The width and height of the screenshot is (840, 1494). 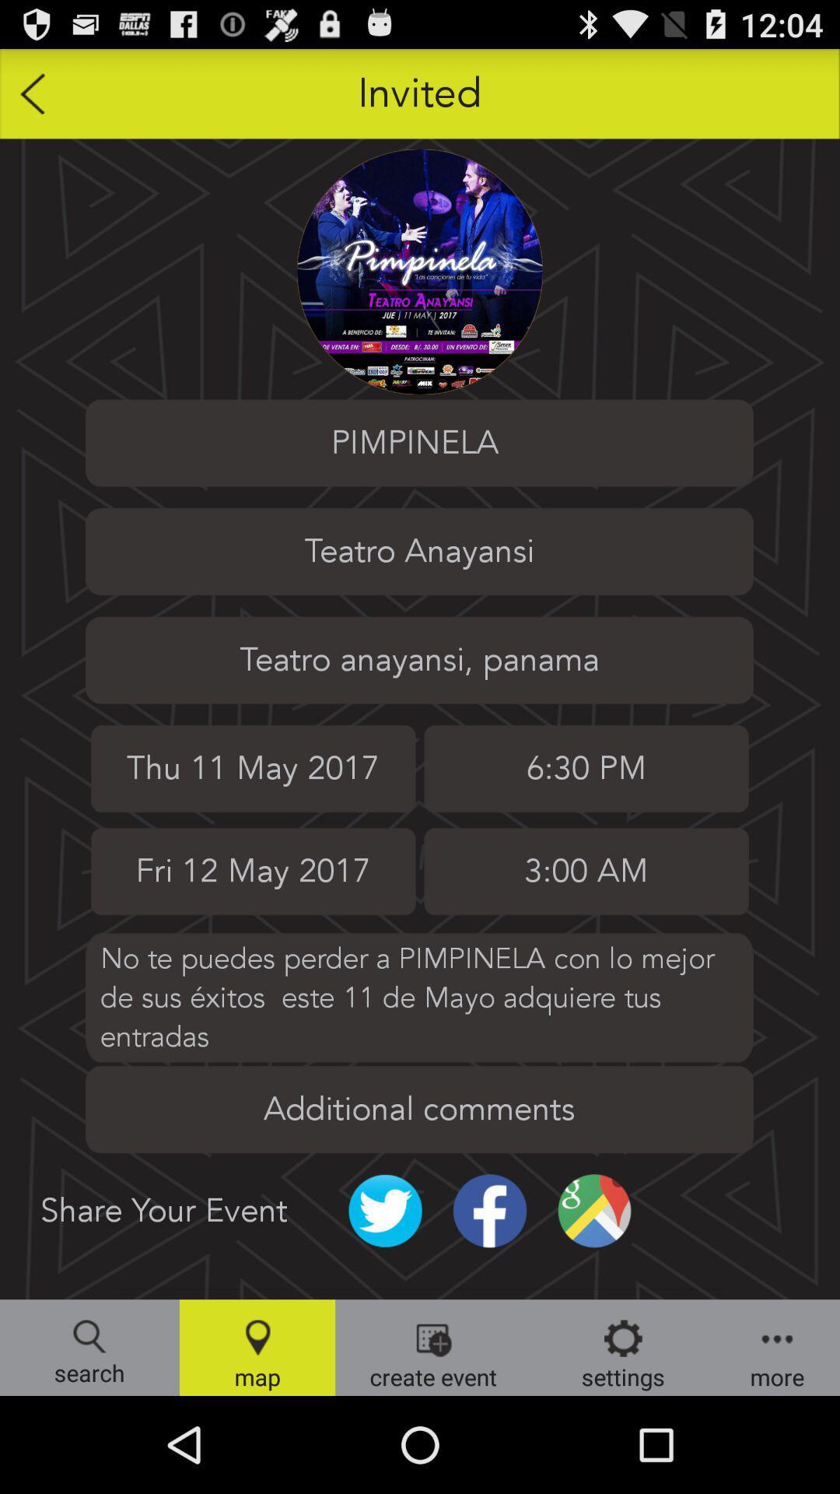 What do you see at coordinates (418, 1109) in the screenshot?
I see `additional comments` at bounding box center [418, 1109].